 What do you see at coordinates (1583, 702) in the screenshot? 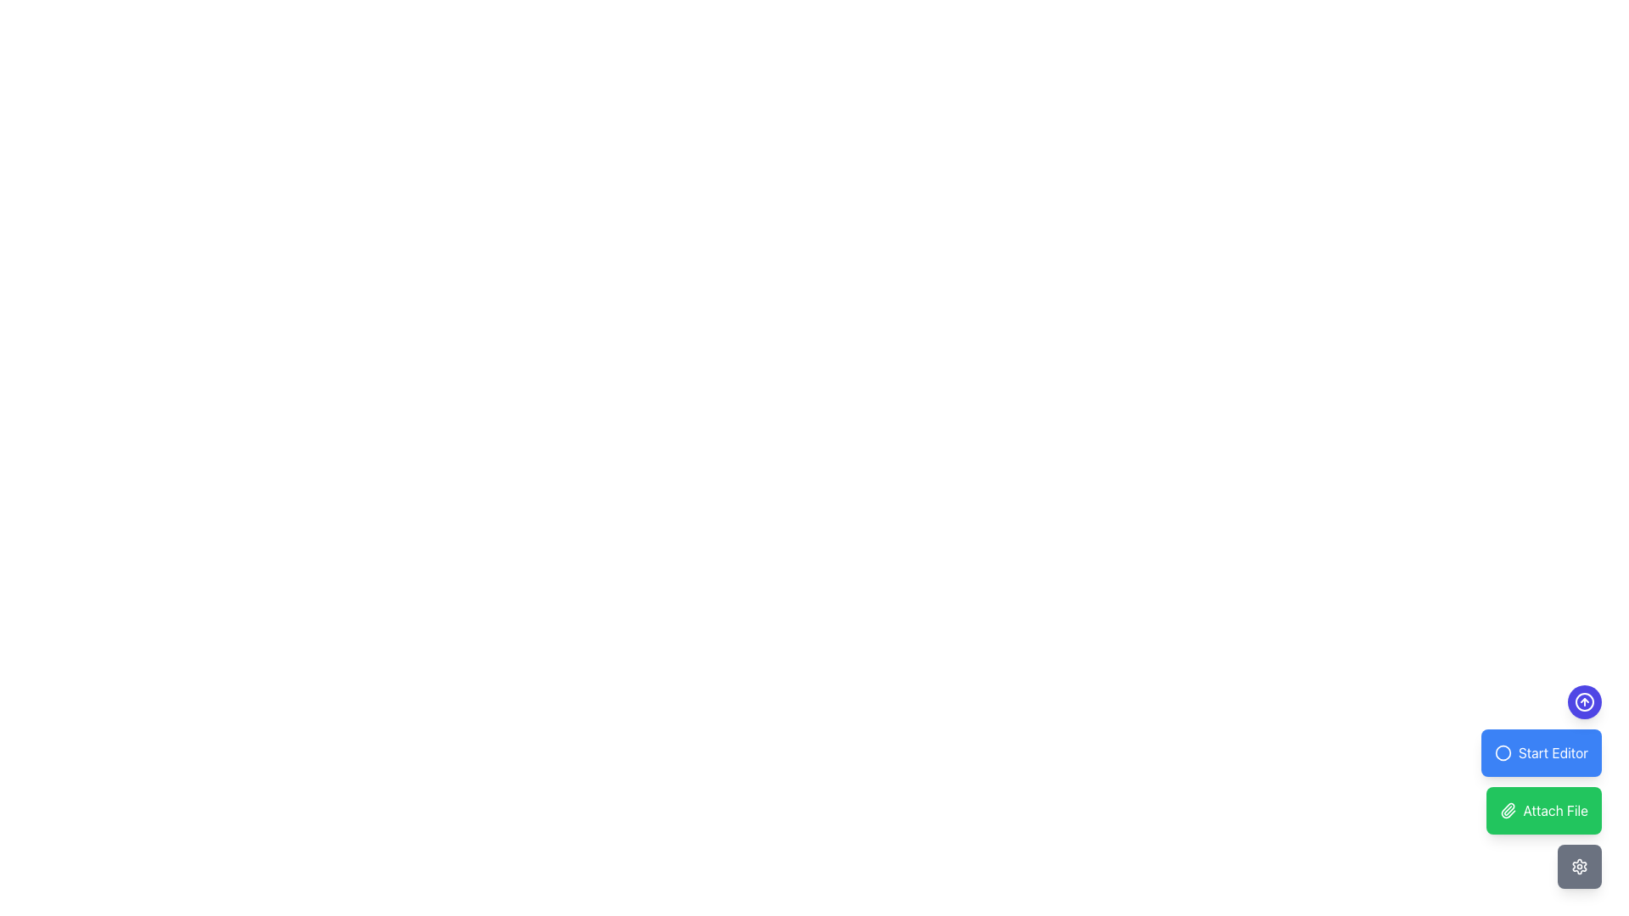
I see `the circular button with a purple background and white upward-pointing arrow` at bounding box center [1583, 702].